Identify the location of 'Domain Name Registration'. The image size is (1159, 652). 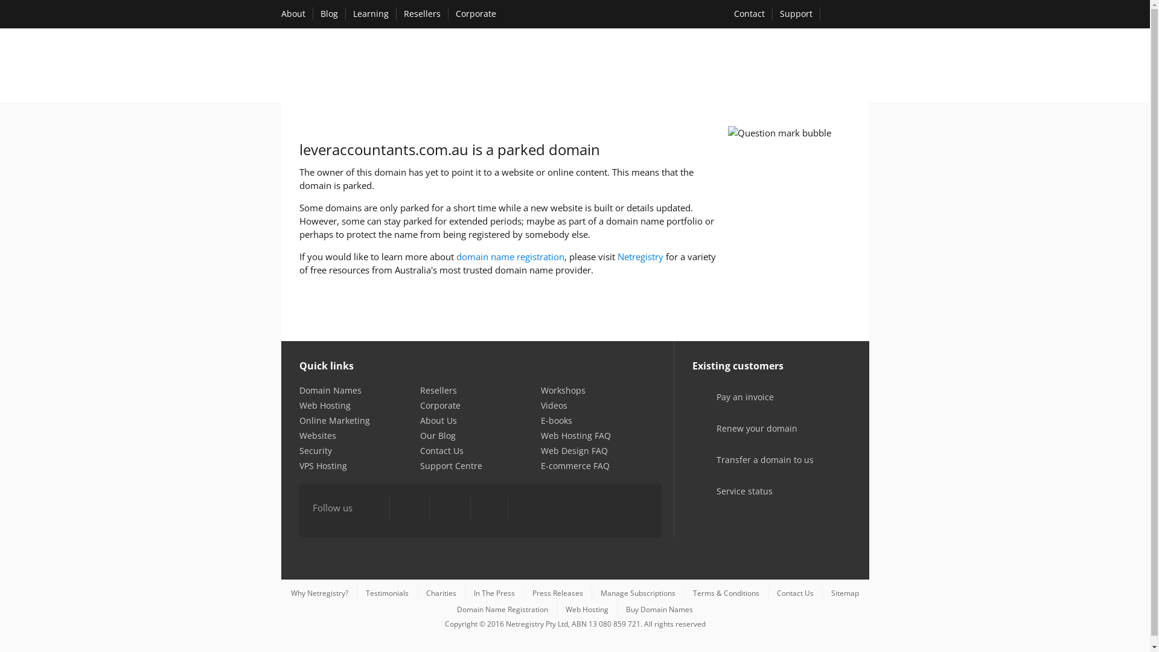
(502, 609).